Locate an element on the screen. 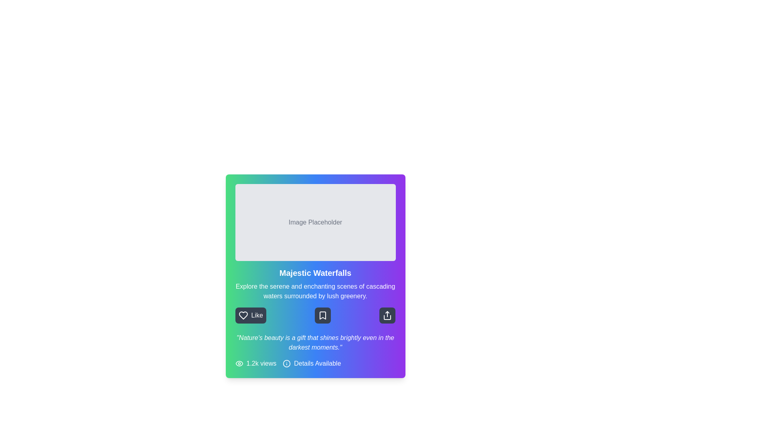 The height and width of the screenshot is (433, 770). the Image Placeholder located above the 'Majestic Waterfalls' text in the content card is located at coordinates (315, 223).